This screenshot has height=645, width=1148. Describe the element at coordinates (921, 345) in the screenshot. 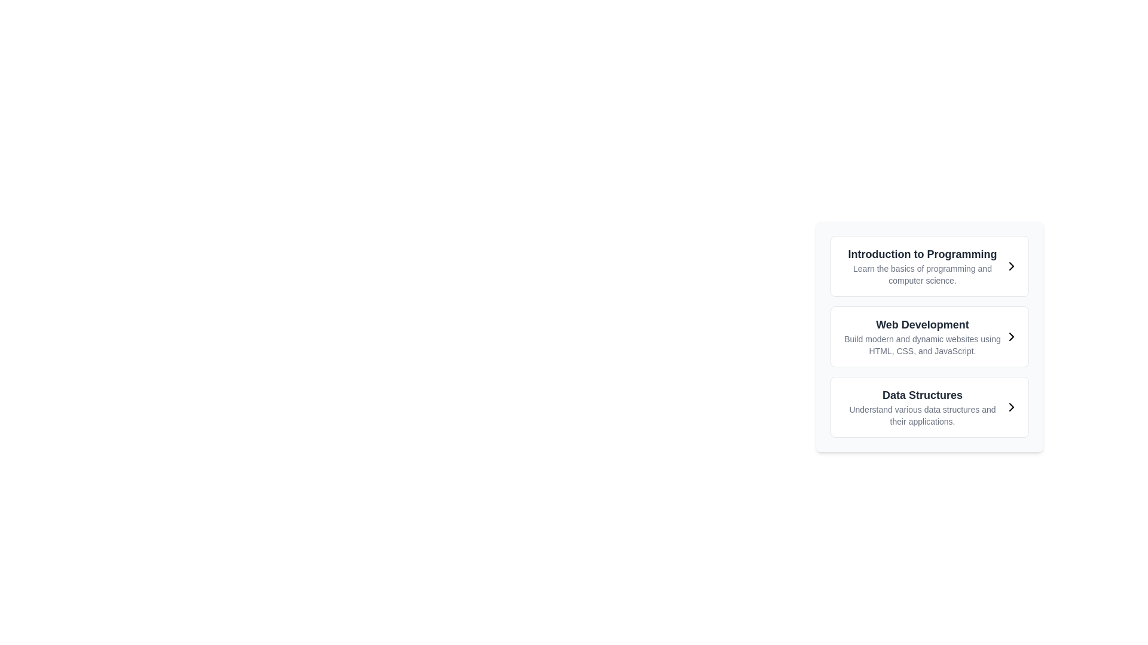

I see `the static text element styled as a paragraph, which reads 'Build modern and dynamic websites using HTML, CSS, and JavaScript.' positioned below the 'Web Development' title in the card layout` at that location.